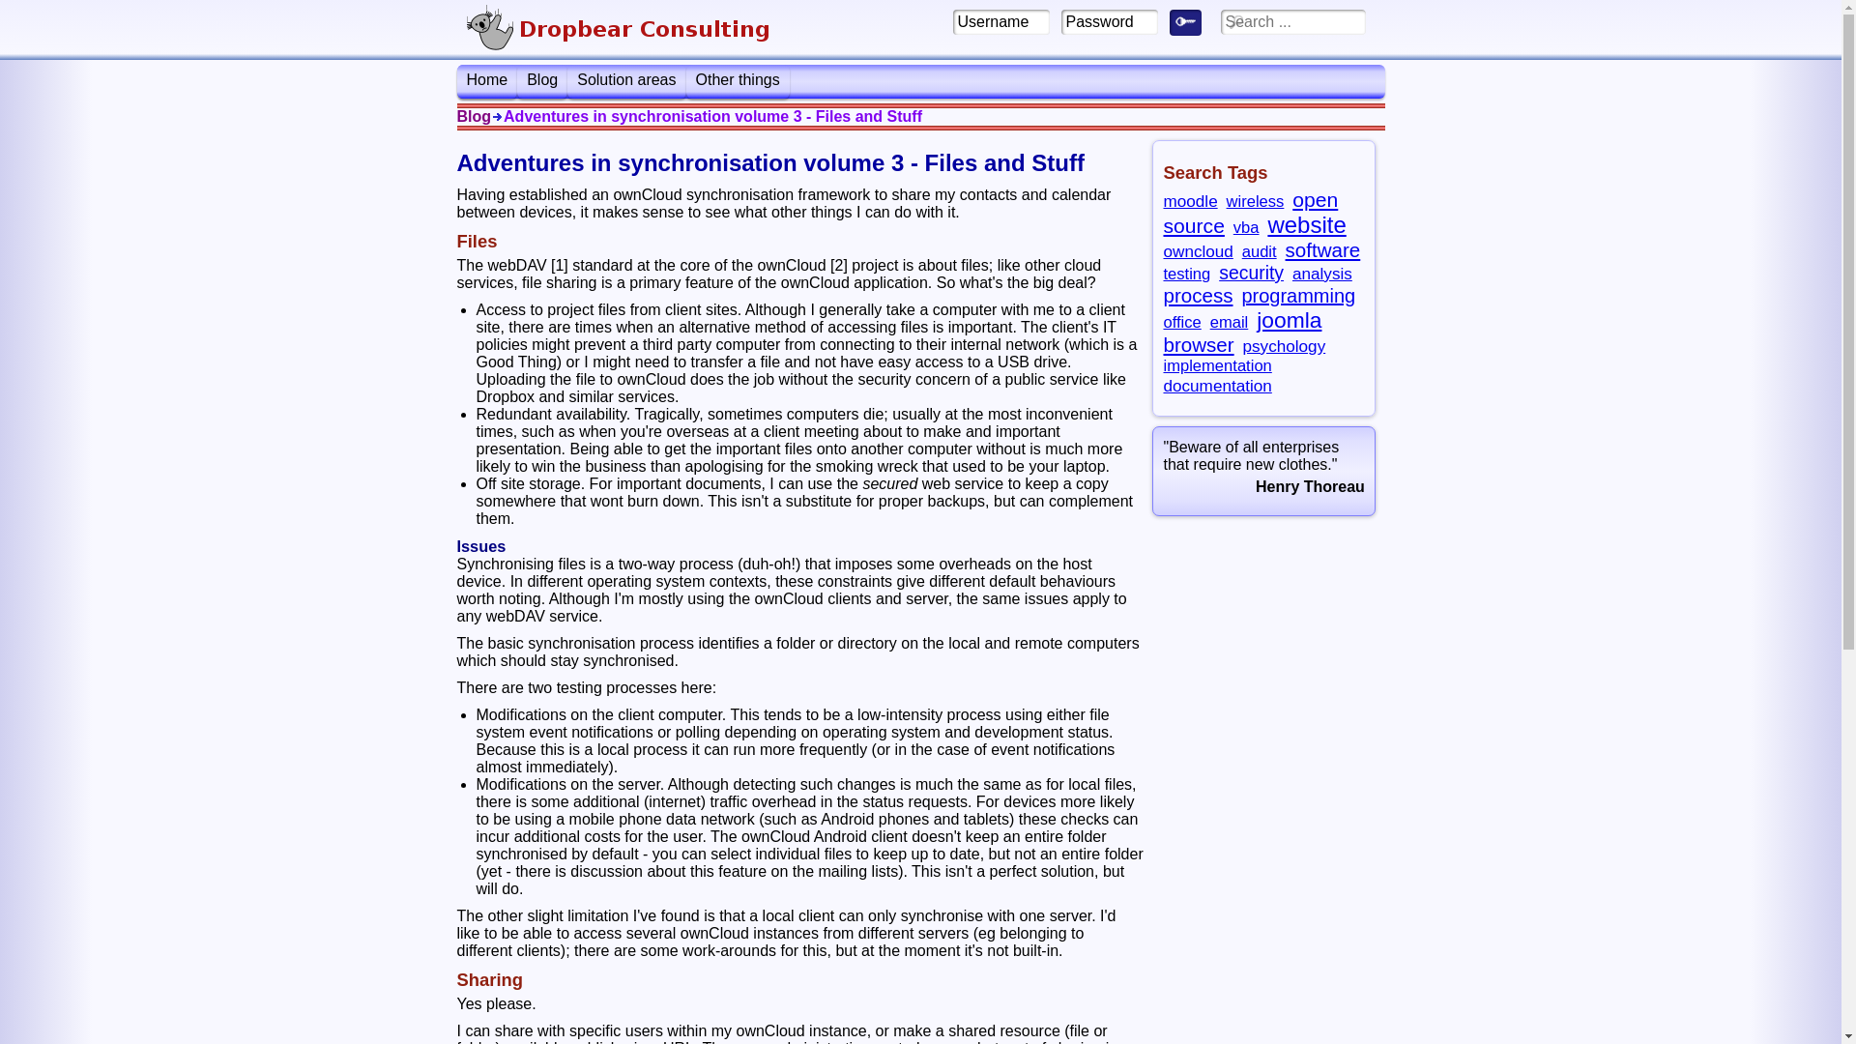  What do you see at coordinates (1251, 272) in the screenshot?
I see `'security'` at bounding box center [1251, 272].